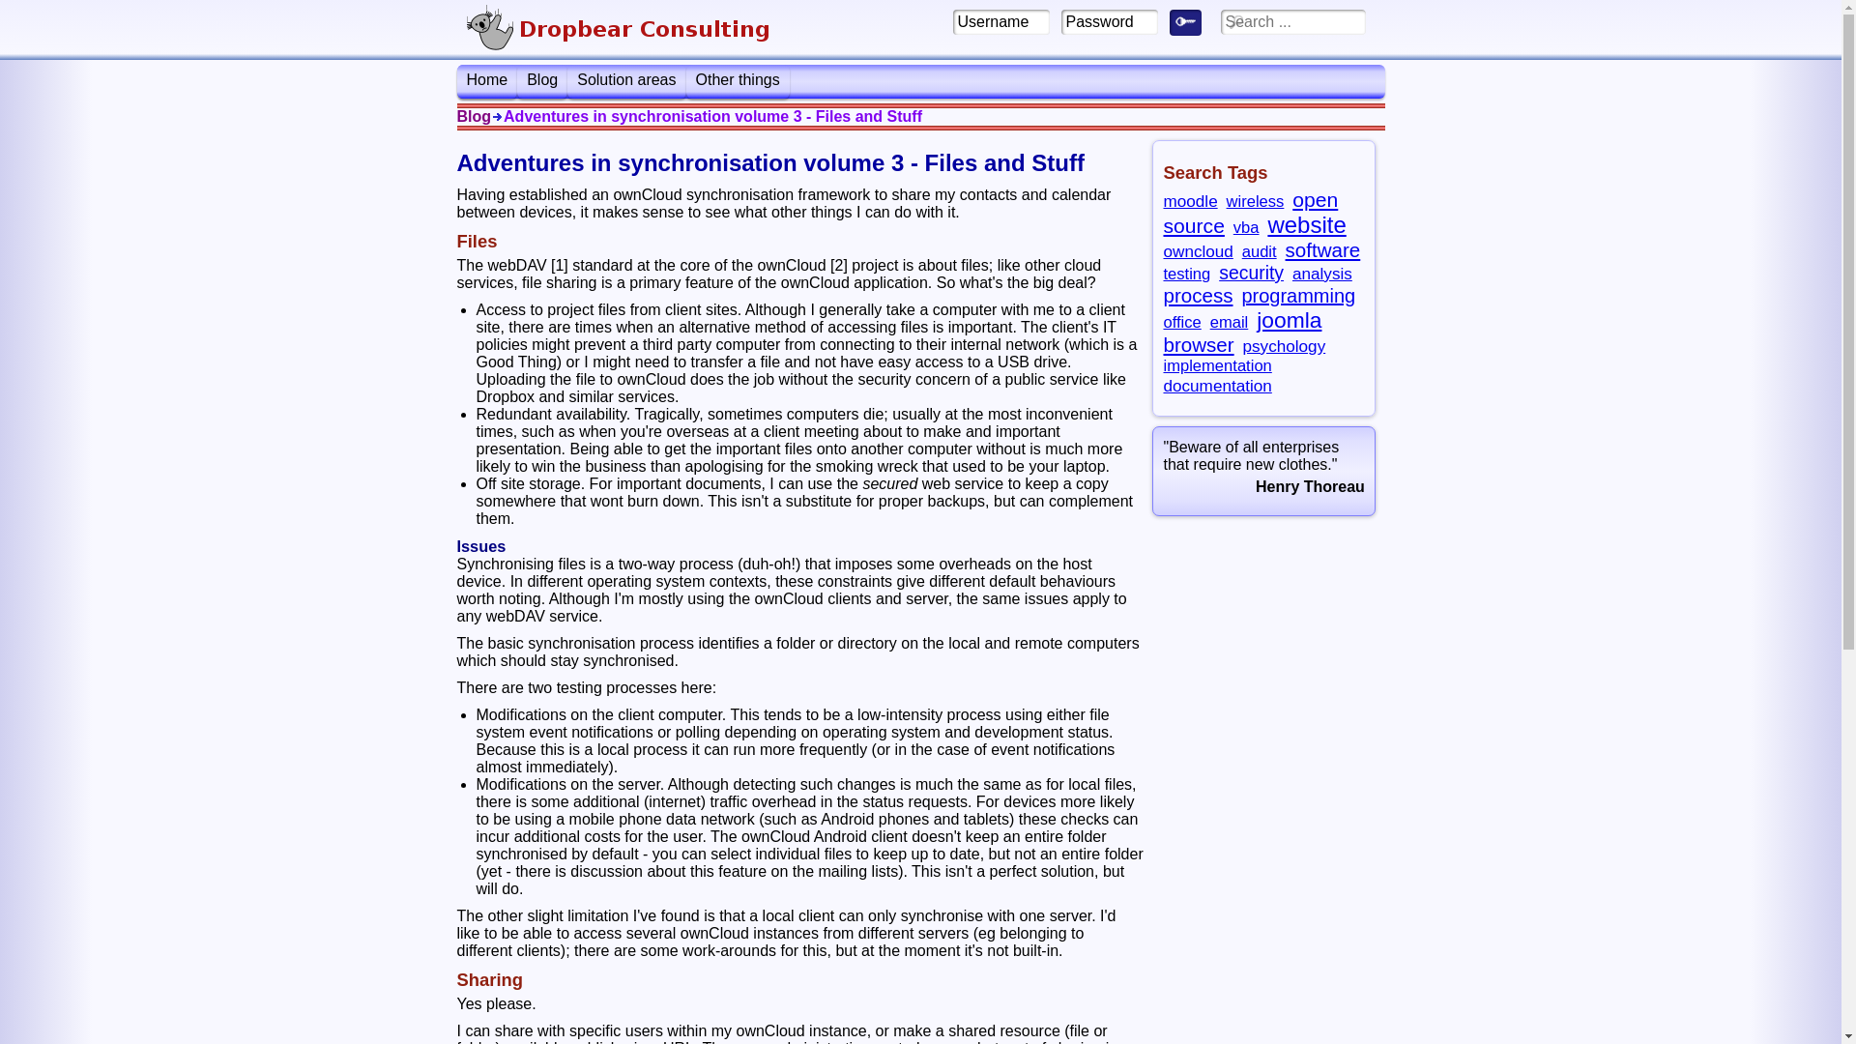  What do you see at coordinates (1251, 272) in the screenshot?
I see `'security'` at bounding box center [1251, 272].